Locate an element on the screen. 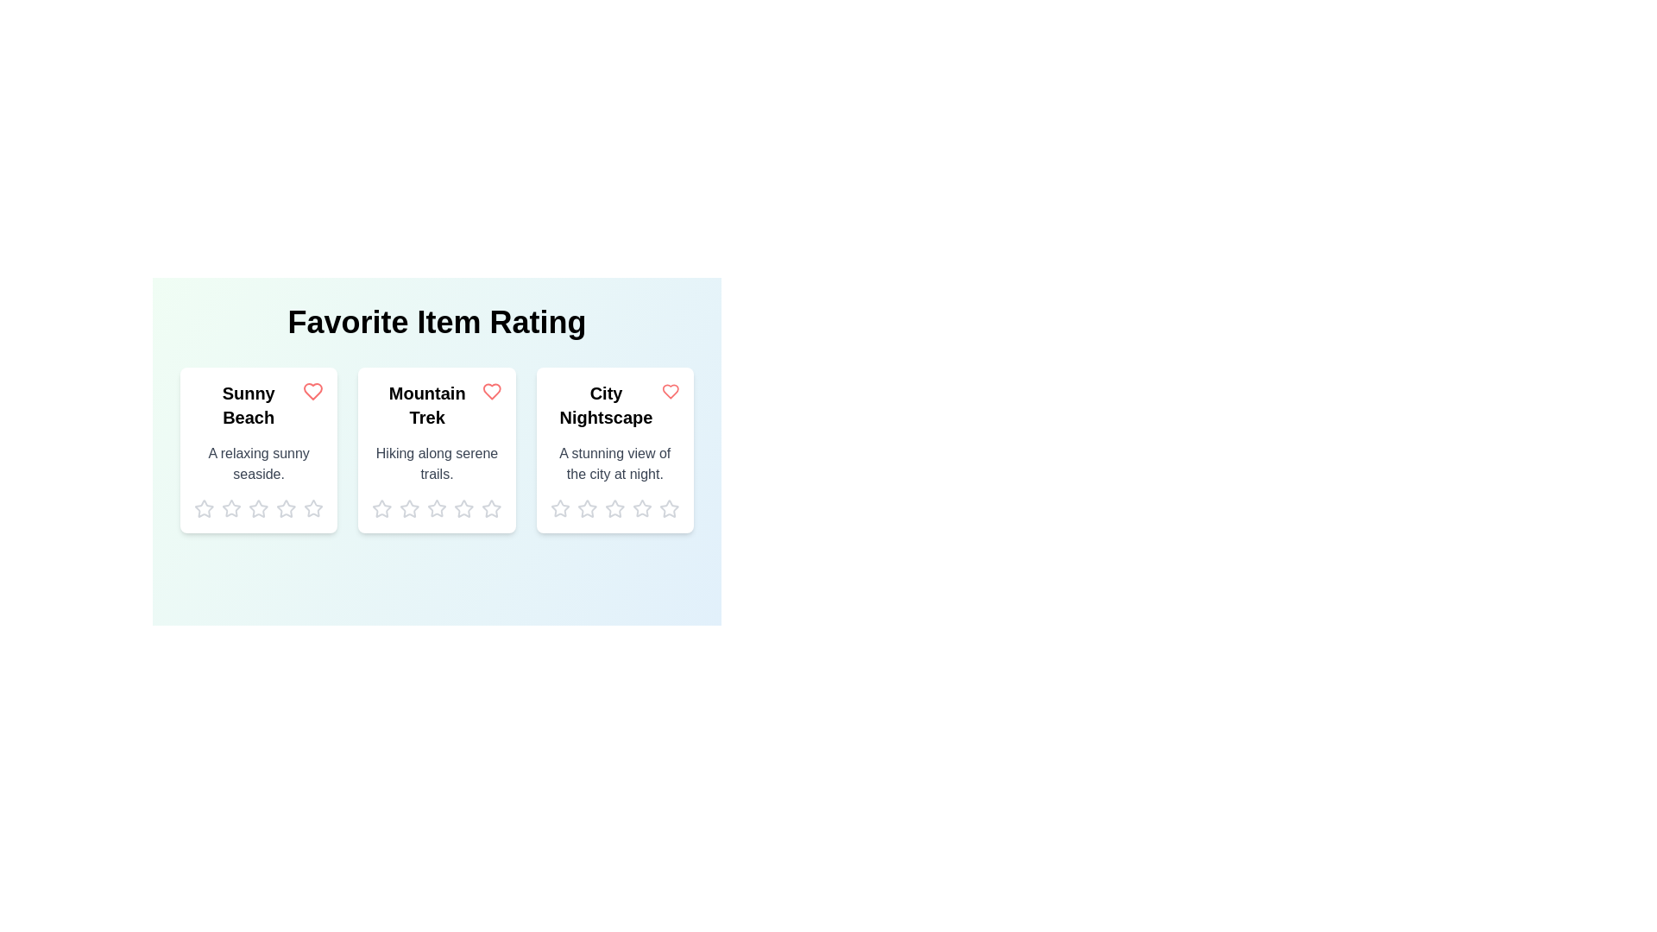 The width and height of the screenshot is (1657, 932). the rating of an item to 3 stars is located at coordinates (258, 508).